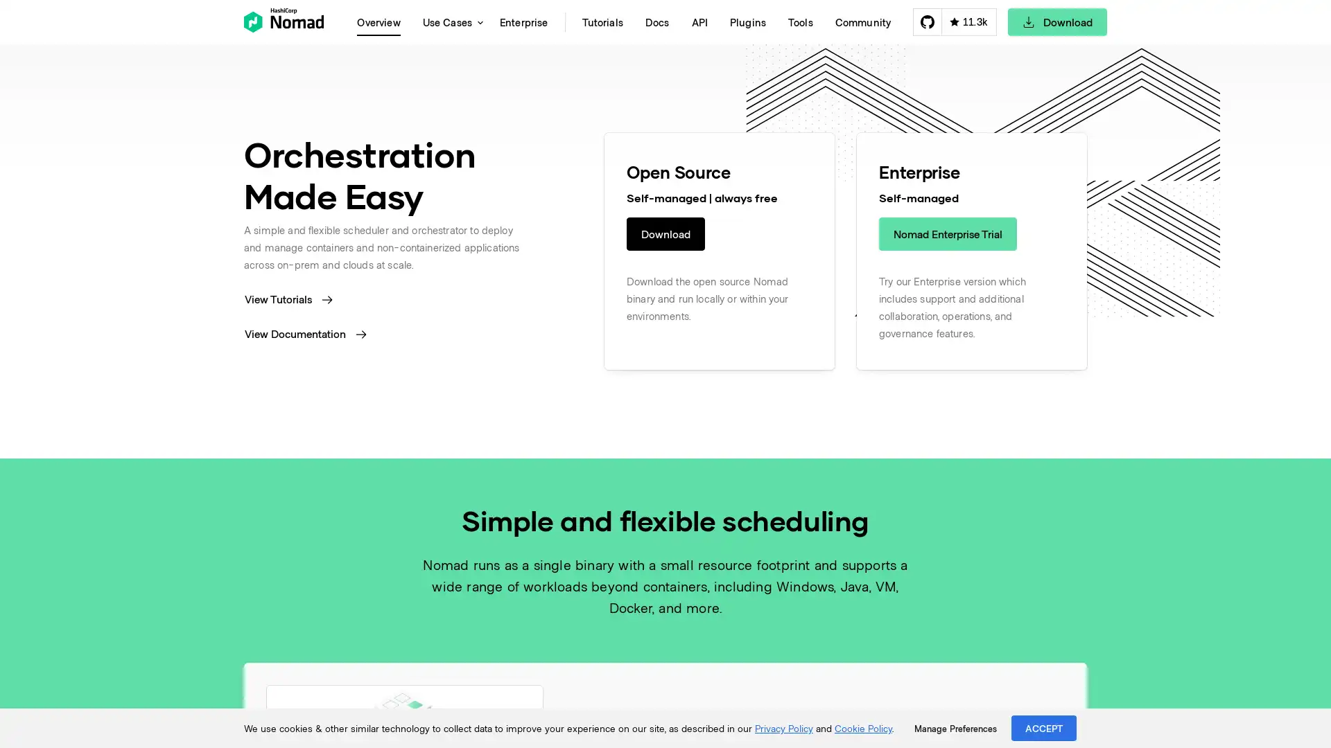 This screenshot has height=748, width=1331. Describe the element at coordinates (449, 21) in the screenshot. I see `Use Cases` at that location.